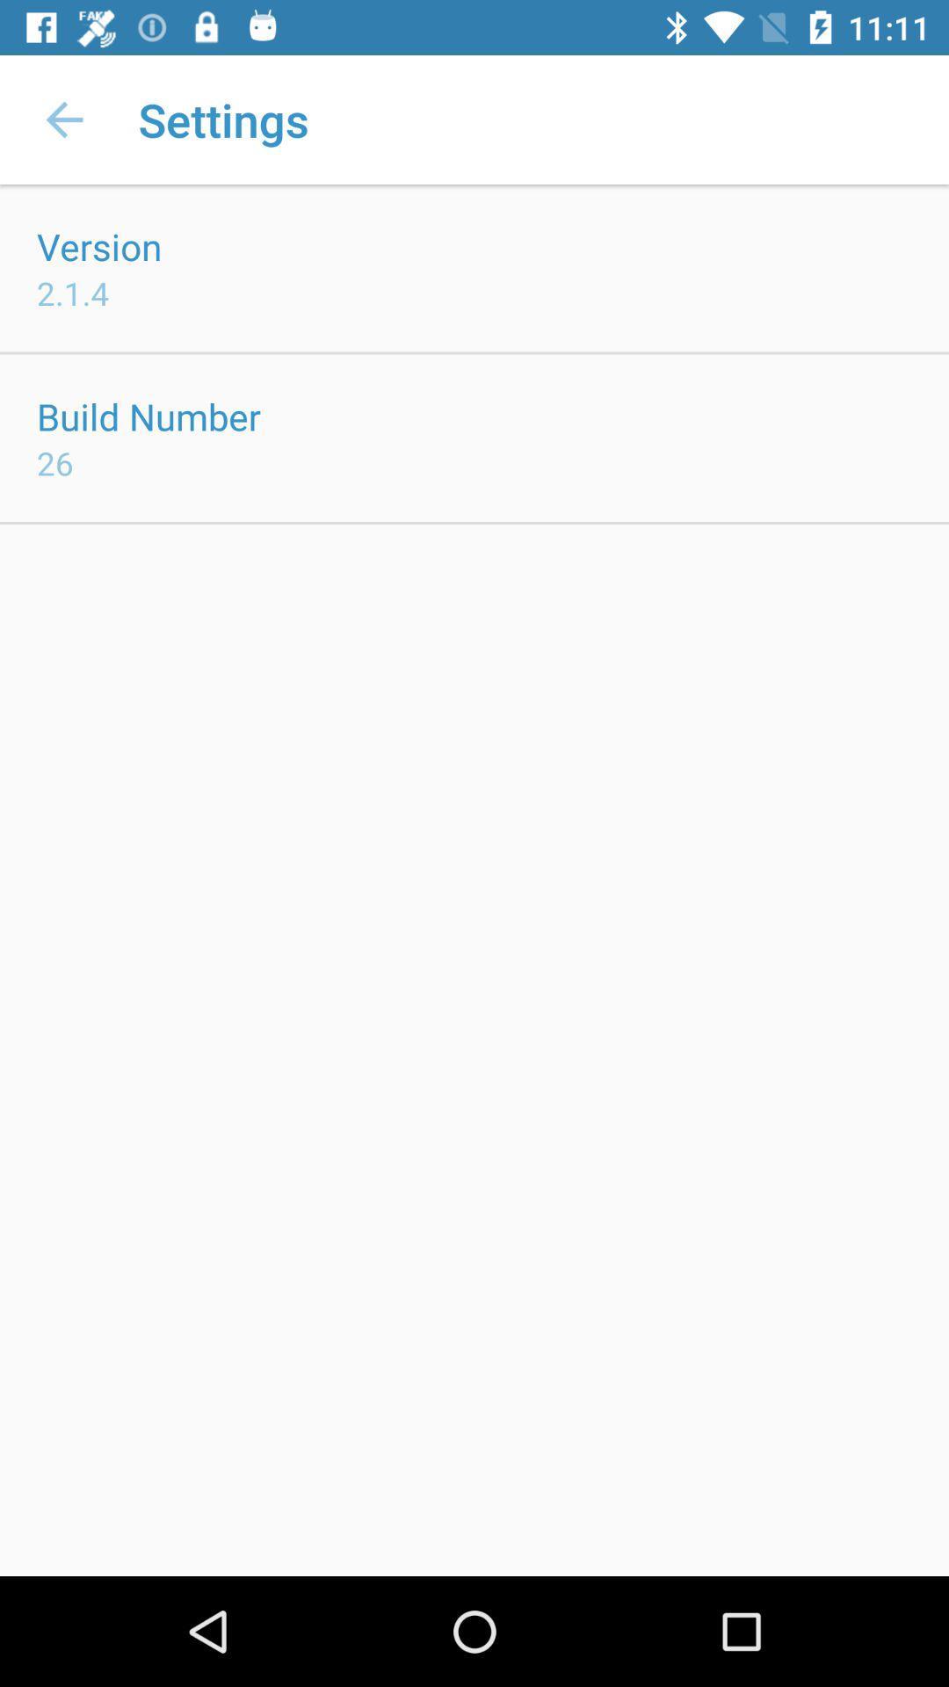 The width and height of the screenshot is (949, 1687). Describe the element at coordinates (54, 463) in the screenshot. I see `26 icon` at that location.